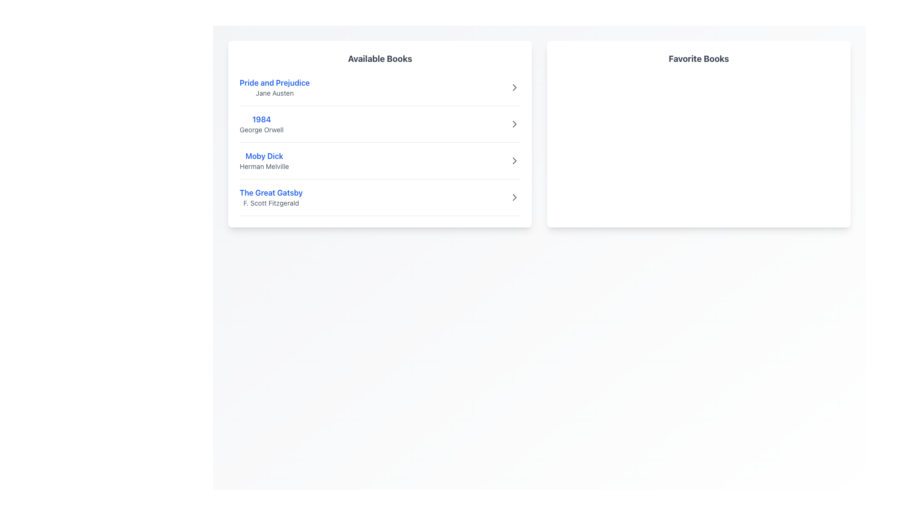  What do you see at coordinates (274, 88) in the screenshot?
I see `the first entry in the 'Available Books' list, which provides the title and author of a book` at bounding box center [274, 88].